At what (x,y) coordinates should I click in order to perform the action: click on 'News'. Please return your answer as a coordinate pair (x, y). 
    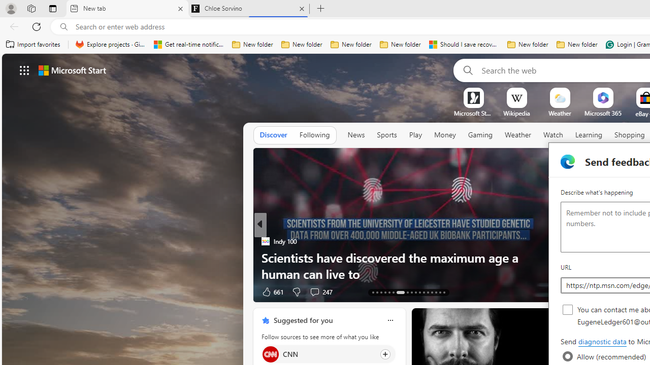
    Looking at the image, I should click on (356, 135).